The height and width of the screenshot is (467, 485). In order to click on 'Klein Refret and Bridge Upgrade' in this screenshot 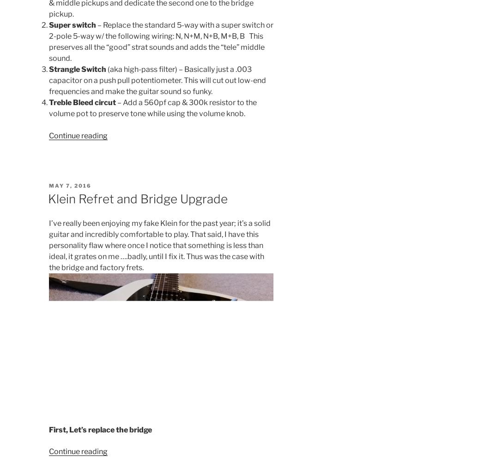, I will do `click(137, 198)`.